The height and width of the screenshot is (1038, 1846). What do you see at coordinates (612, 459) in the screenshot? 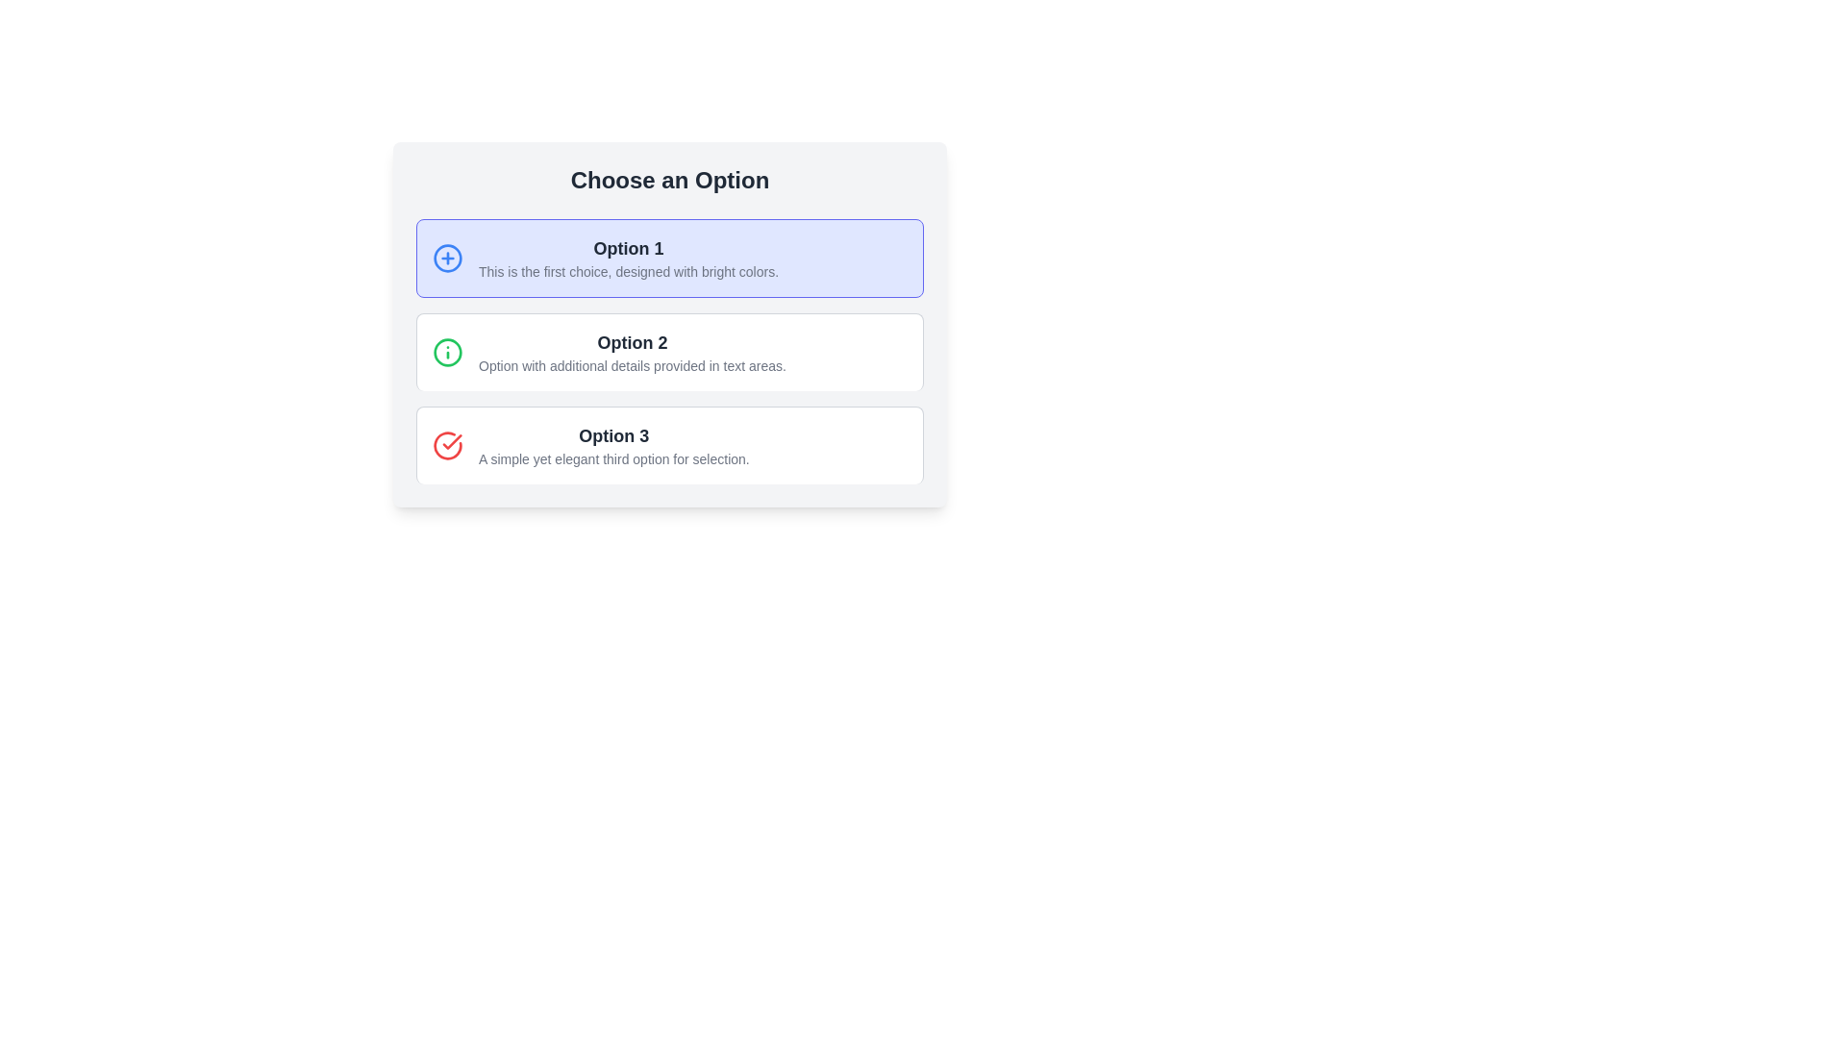
I see `the supporting text label located below the title 'Option 3' in the third section of the choice group layout` at bounding box center [612, 459].